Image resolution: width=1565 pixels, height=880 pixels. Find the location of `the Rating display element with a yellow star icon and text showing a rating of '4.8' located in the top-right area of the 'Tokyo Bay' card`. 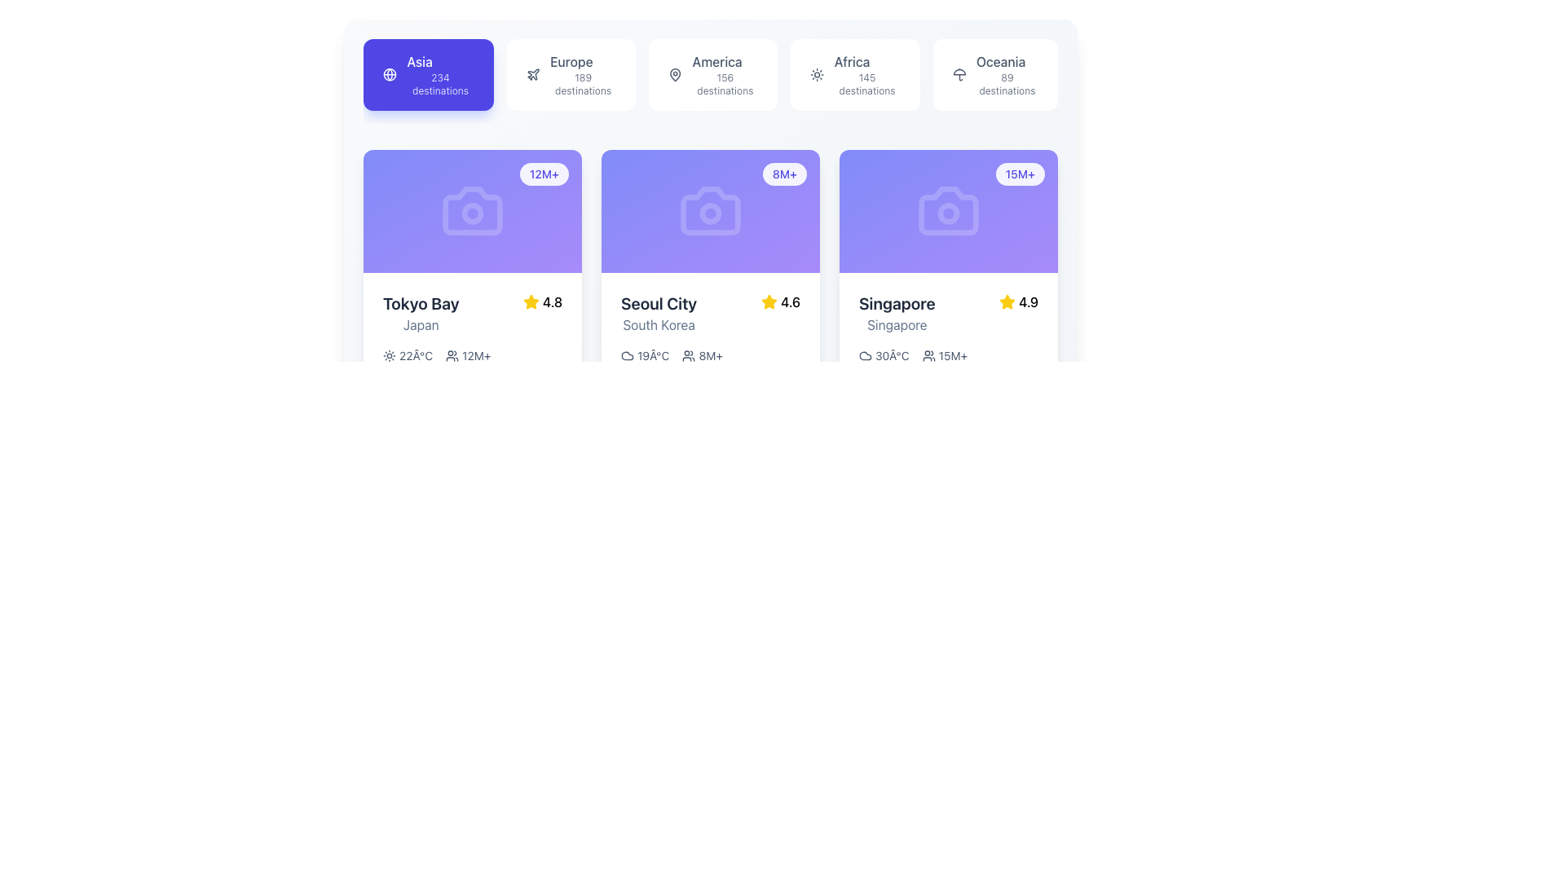

the Rating display element with a yellow star icon and text showing a rating of '4.8' located in the top-right area of the 'Tokyo Bay' card is located at coordinates (542, 301).